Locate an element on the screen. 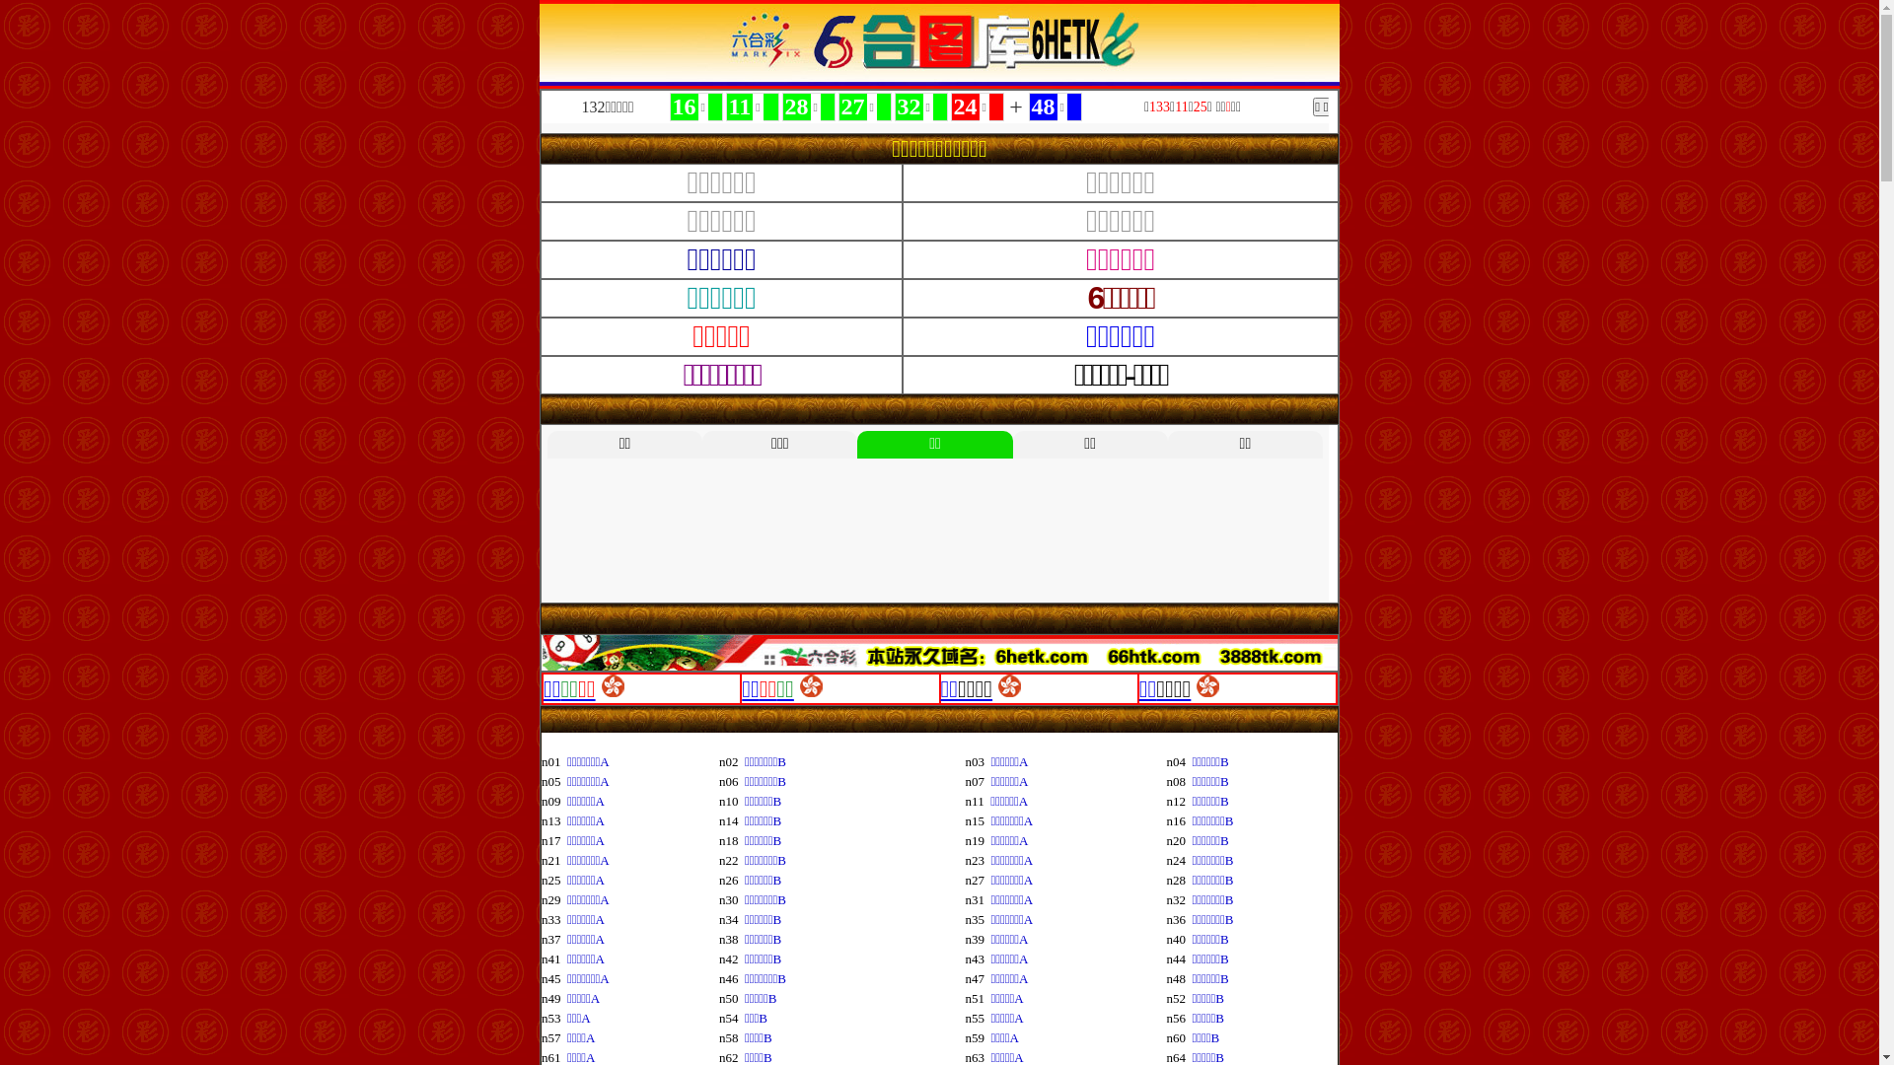  'n52 ' is located at coordinates (1179, 998).